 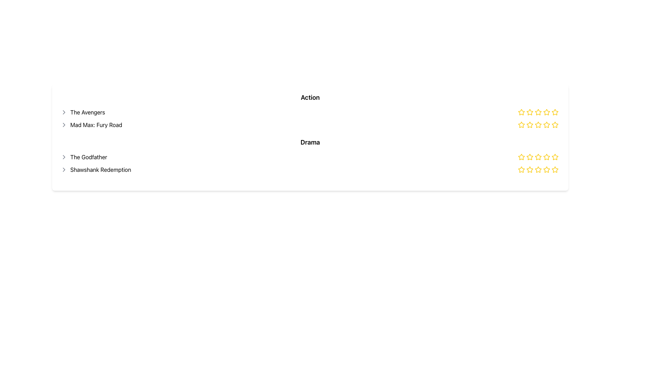 I want to click on the third star icon in the user rating system located, so click(x=539, y=125).